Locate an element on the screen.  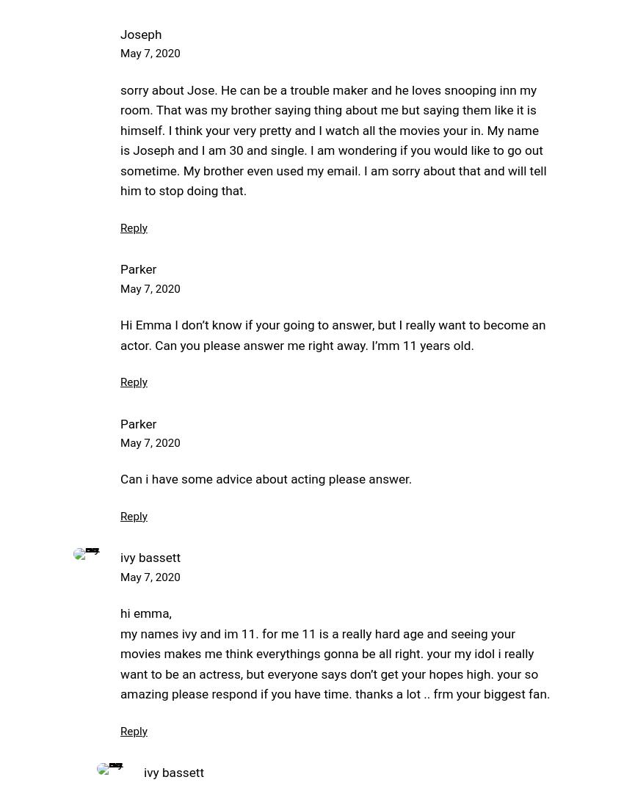
'Hi Emma I don’t know if your going to answer, but I really want to become an actor. Can you please answer me right away. I’mm 11 years old.' is located at coordinates (332, 334).